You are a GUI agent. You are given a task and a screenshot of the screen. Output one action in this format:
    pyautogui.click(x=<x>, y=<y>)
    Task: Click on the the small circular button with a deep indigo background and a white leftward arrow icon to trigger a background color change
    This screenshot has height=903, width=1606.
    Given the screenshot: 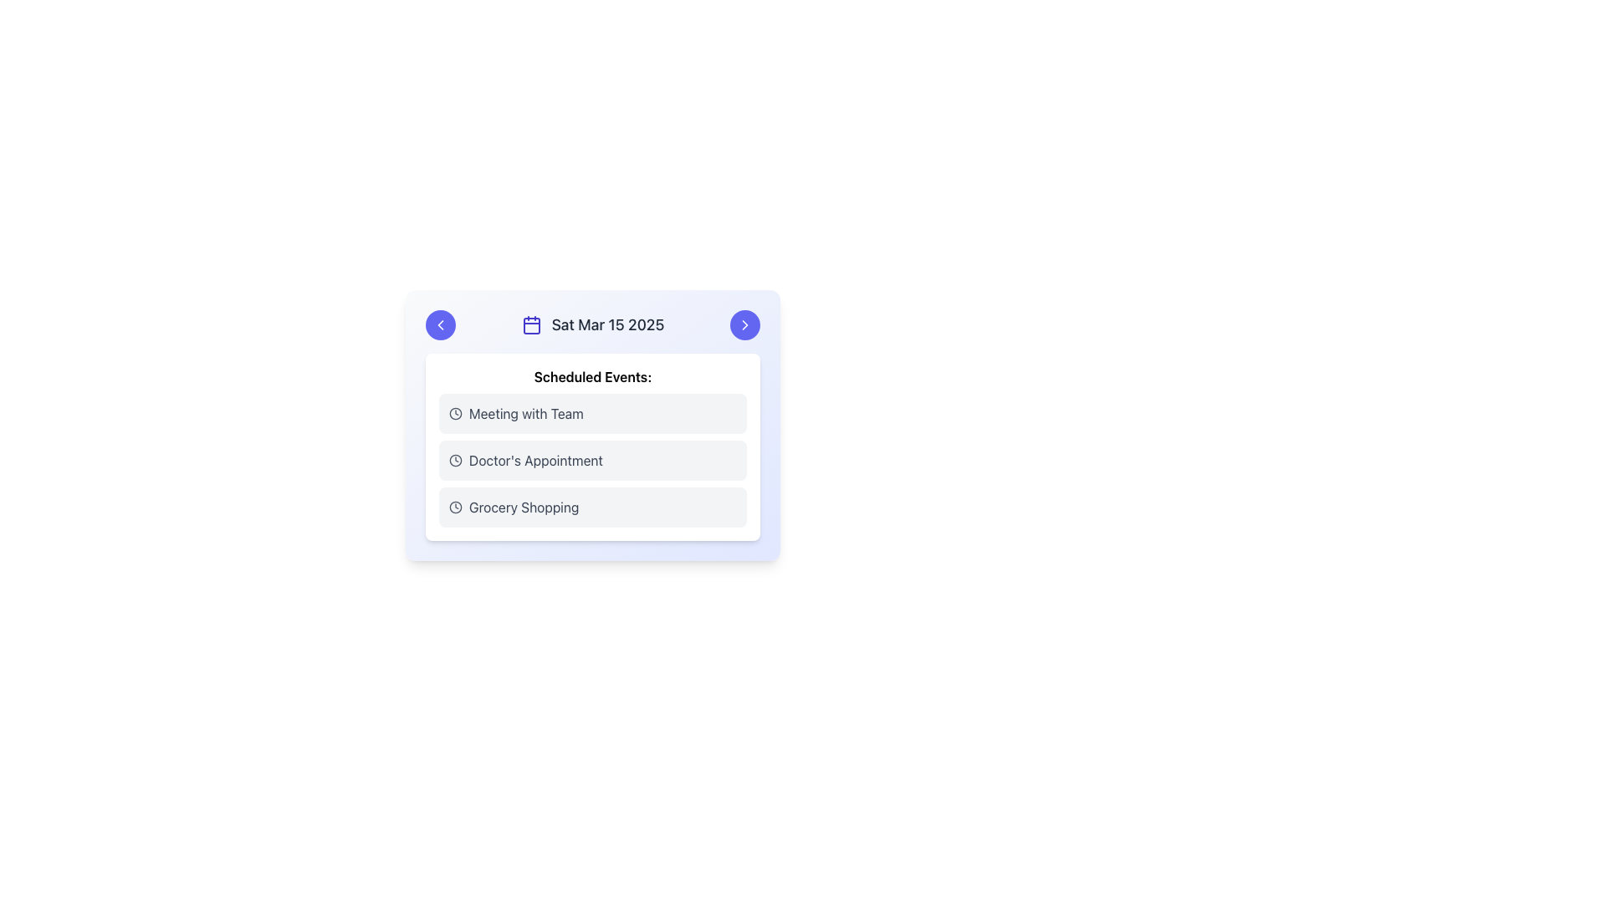 What is the action you would take?
    pyautogui.click(x=441, y=325)
    